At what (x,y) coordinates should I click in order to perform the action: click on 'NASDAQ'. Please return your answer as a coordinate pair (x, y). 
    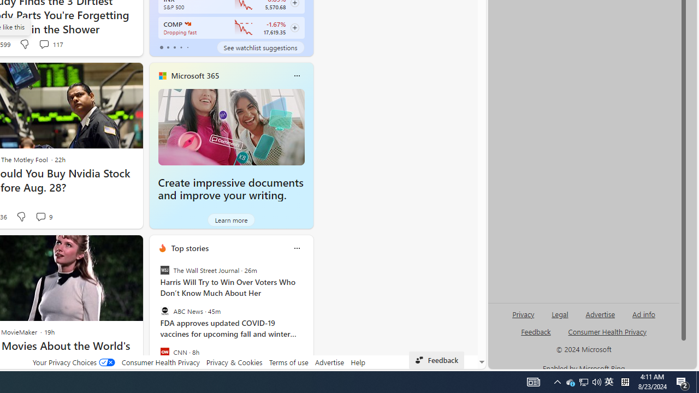
    Looking at the image, I should click on (187, 23).